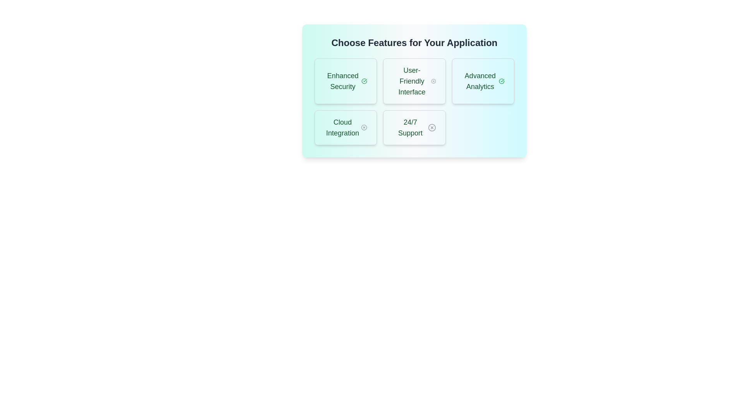 This screenshot has height=418, width=743. What do you see at coordinates (483, 81) in the screenshot?
I see `the feature Advanced Analytics to trigger additional visual feedback` at bounding box center [483, 81].